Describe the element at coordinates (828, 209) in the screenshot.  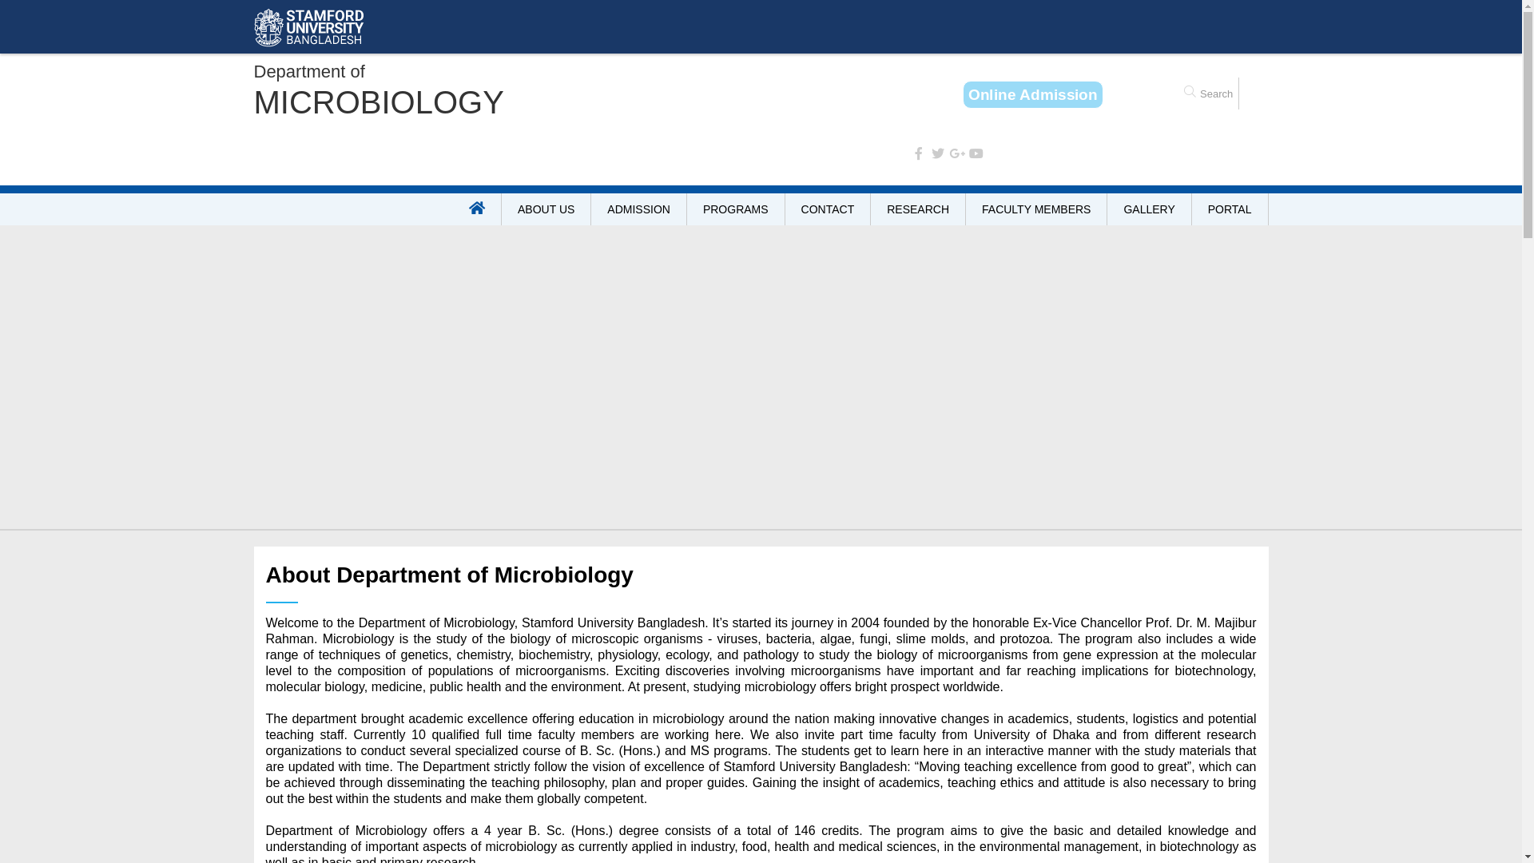
I see `'CONTACT'` at that location.